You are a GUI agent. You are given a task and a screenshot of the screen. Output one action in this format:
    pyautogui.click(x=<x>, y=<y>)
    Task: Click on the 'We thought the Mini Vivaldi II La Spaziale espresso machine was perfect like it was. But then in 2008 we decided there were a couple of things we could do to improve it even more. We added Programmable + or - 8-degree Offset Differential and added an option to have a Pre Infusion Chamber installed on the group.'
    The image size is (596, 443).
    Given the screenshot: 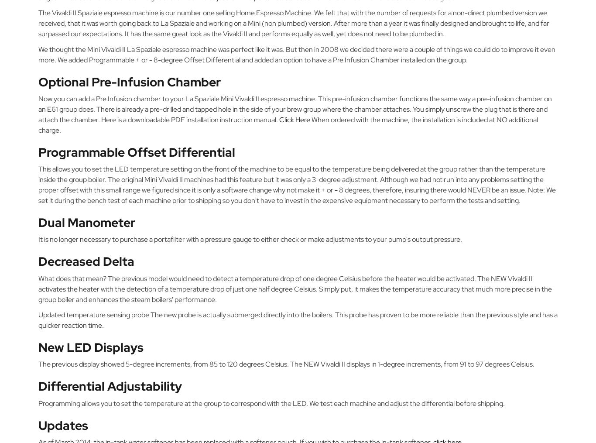 What is the action you would take?
    pyautogui.click(x=296, y=54)
    